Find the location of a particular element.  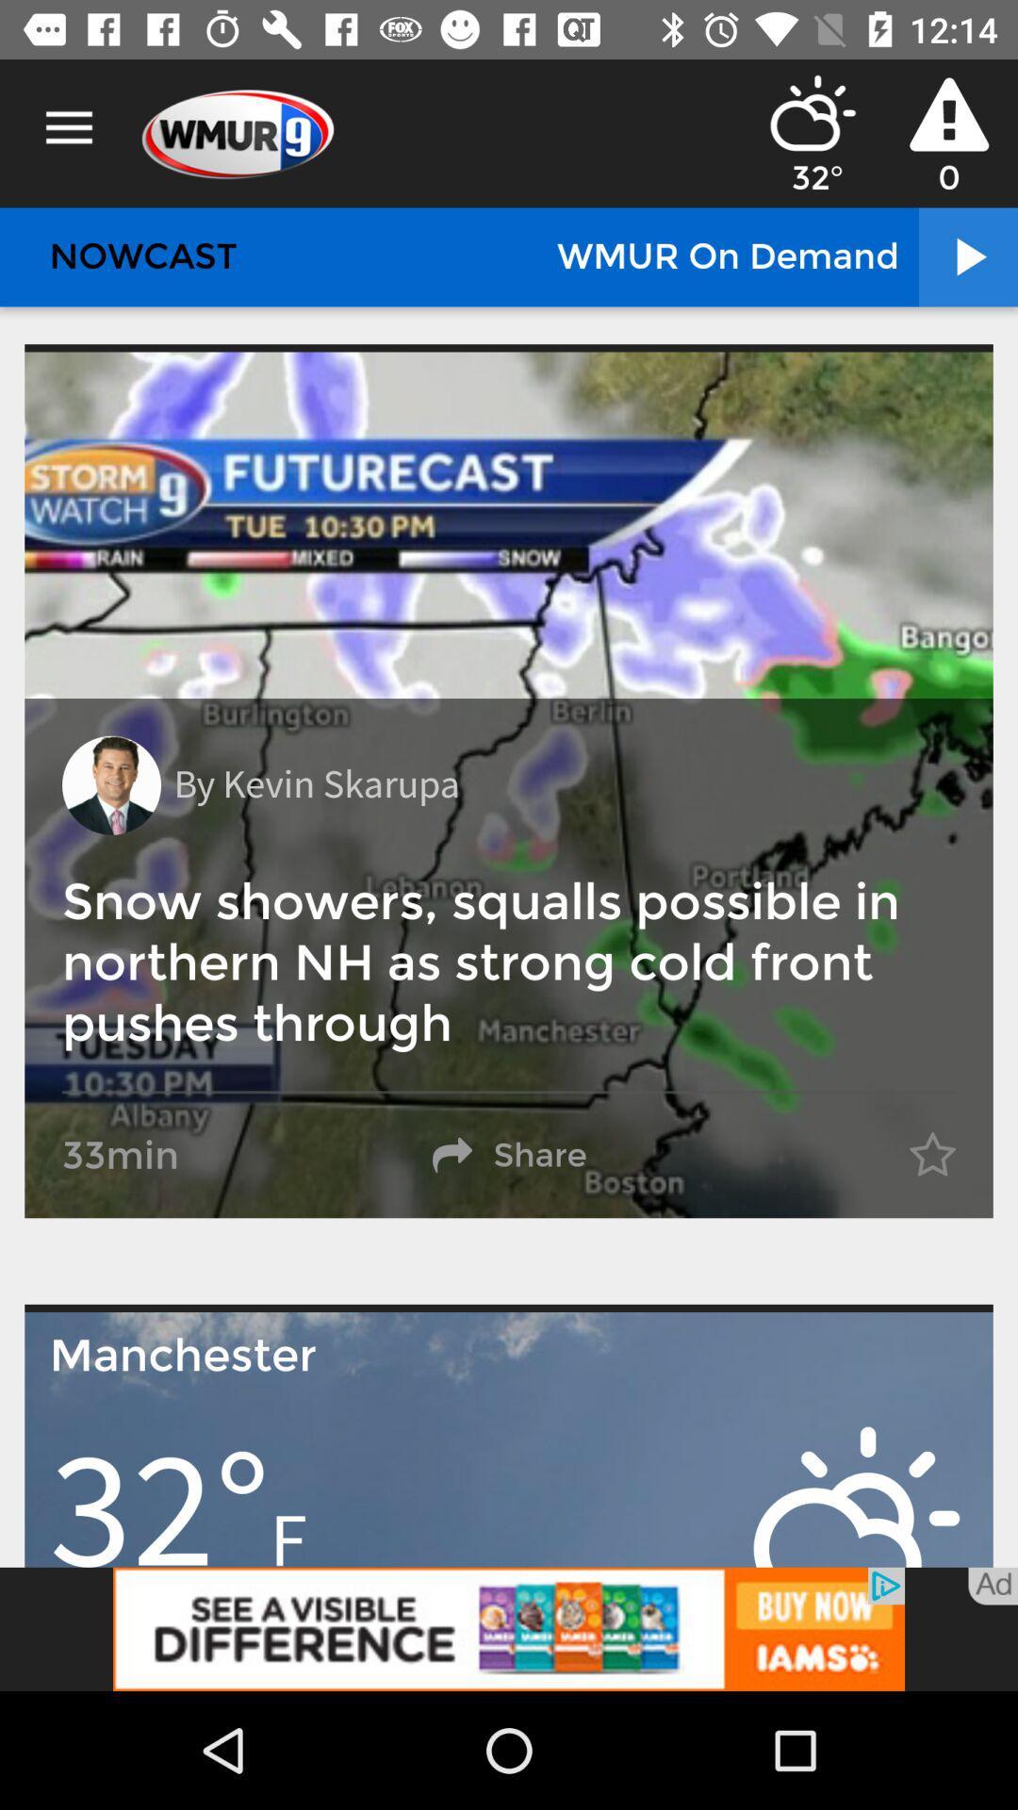

advertisement is located at coordinates (509, 1628).